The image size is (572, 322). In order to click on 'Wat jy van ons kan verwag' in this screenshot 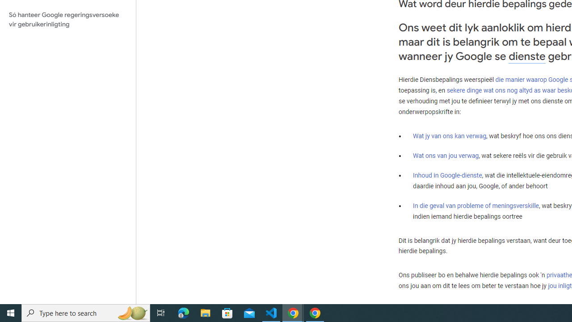, I will do `click(450, 136)`.